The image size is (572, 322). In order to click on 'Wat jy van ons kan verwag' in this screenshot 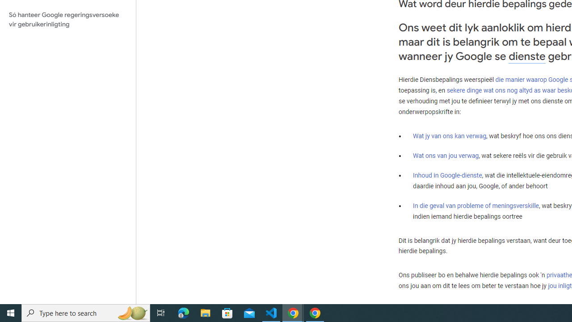, I will do `click(450, 136)`.